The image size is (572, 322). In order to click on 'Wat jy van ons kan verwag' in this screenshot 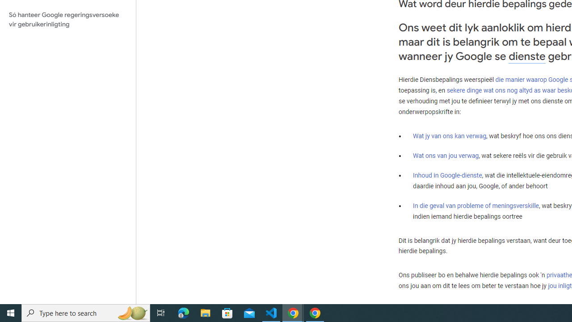, I will do `click(450, 136)`.